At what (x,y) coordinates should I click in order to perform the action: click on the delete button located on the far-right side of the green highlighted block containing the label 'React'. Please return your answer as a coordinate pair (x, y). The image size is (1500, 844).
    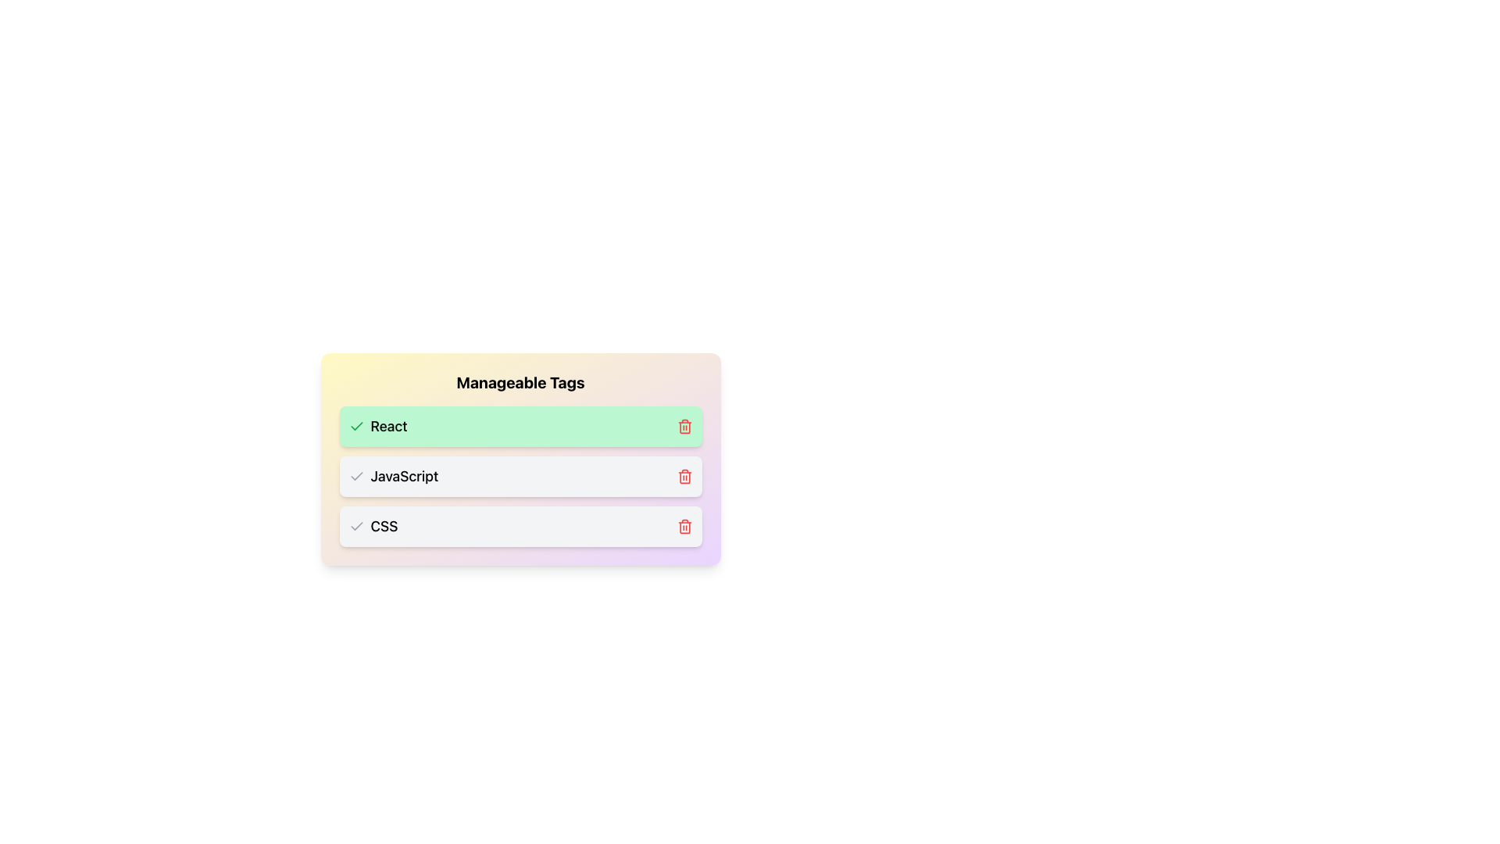
    Looking at the image, I should click on (684, 427).